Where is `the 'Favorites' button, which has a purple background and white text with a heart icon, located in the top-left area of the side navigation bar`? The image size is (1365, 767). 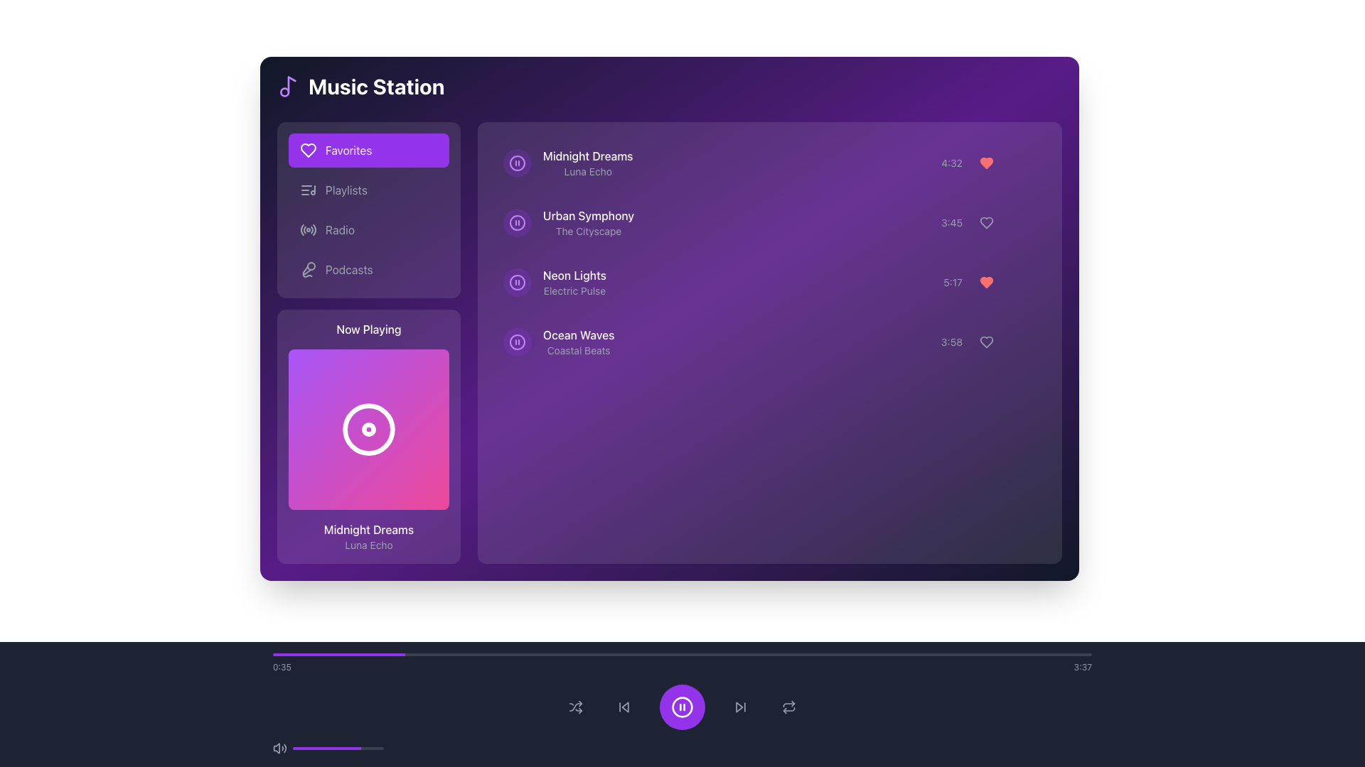
the 'Favorites' button, which has a purple background and white text with a heart icon, located in the top-left area of the side navigation bar is located at coordinates (368, 151).